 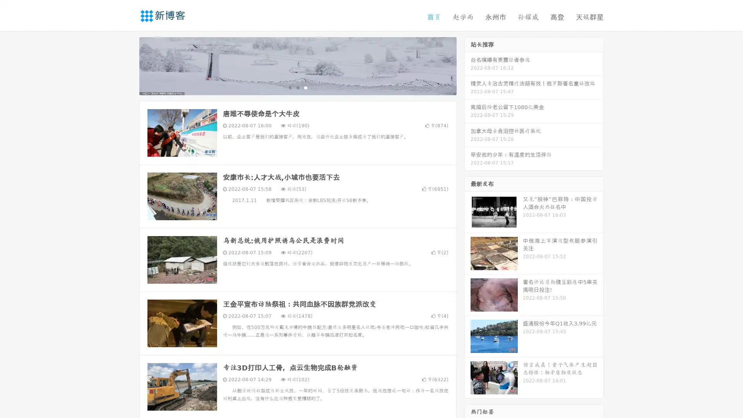 What do you see at coordinates (289, 87) in the screenshot?
I see `Go to slide 1` at bounding box center [289, 87].